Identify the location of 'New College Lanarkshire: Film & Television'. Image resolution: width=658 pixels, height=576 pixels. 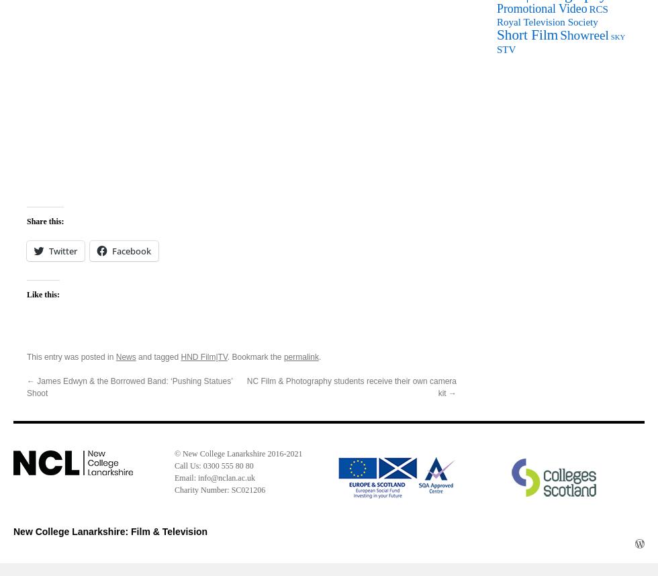
(110, 532).